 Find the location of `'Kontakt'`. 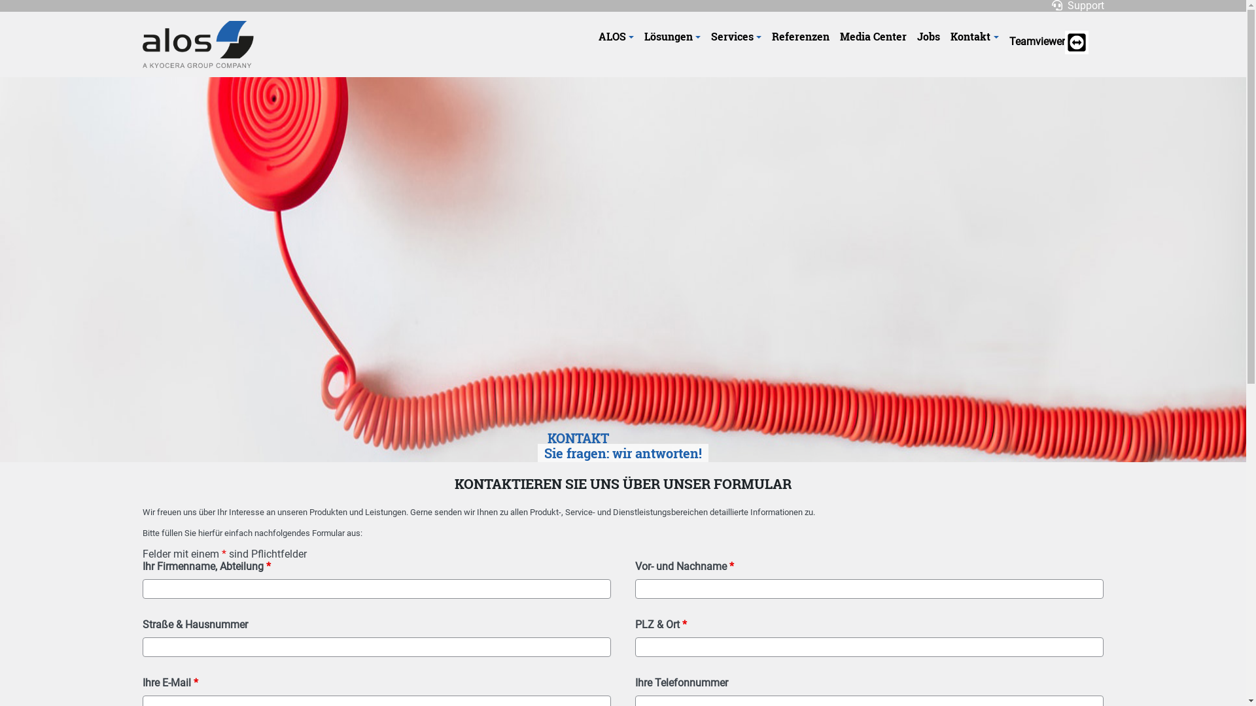

'Kontakt' is located at coordinates (974, 36).